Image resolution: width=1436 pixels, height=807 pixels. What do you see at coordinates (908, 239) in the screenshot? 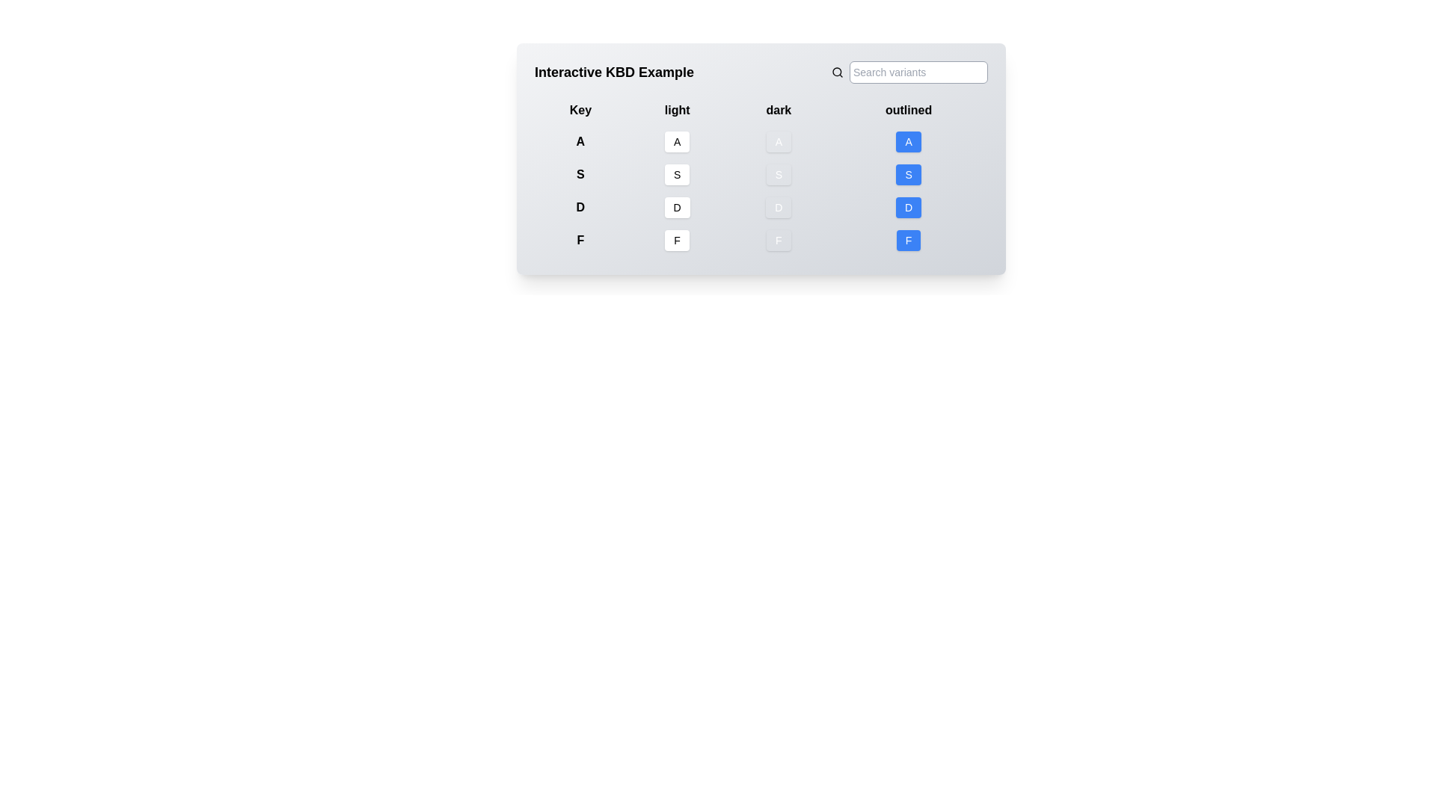
I see `the button labeled 'F', which is the fourth button in the outlined column located at the bottom right of the interface` at bounding box center [908, 239].